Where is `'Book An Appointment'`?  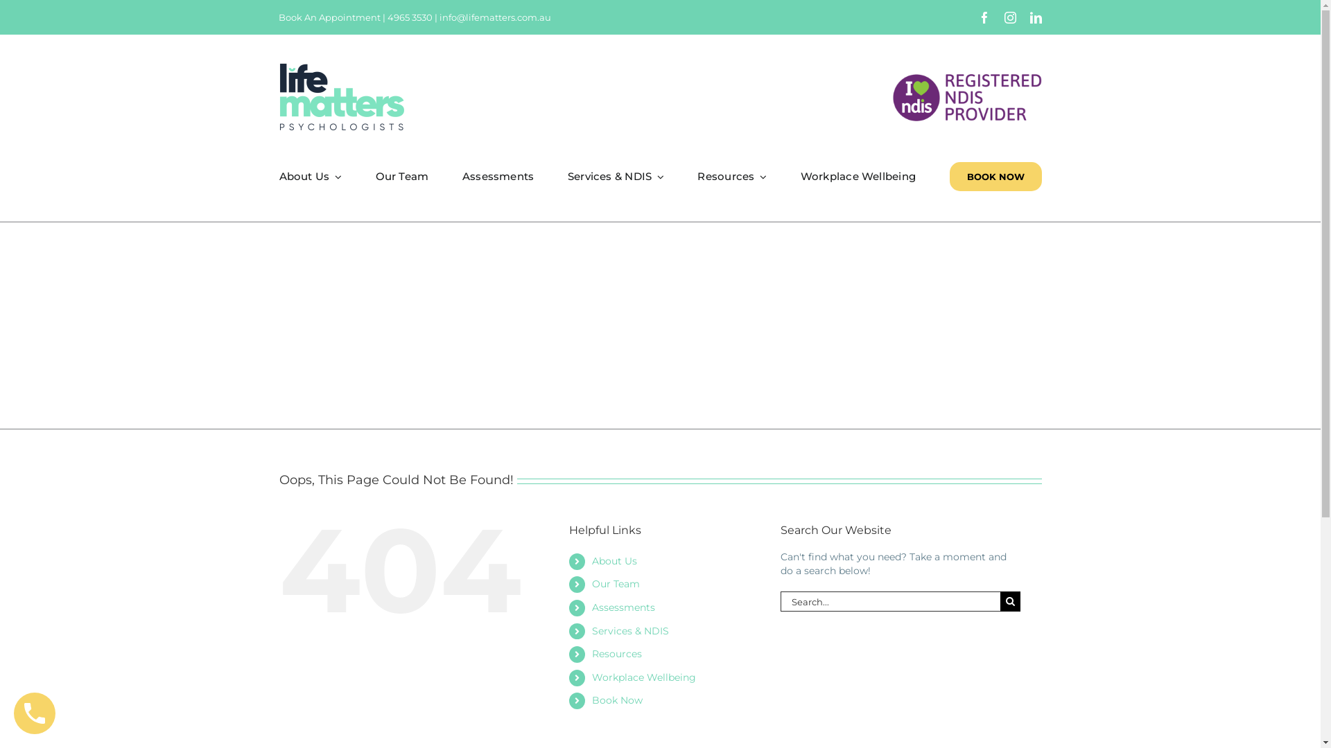 'Book An Appointment' is located at coordinates (329, 17).